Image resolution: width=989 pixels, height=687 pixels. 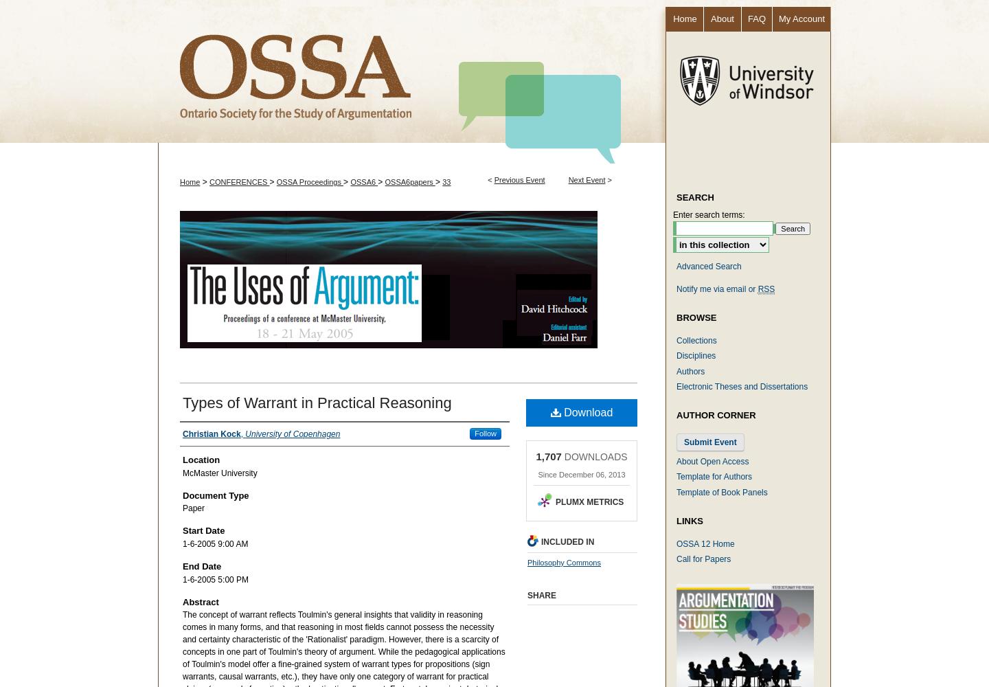 What do you see at coordinates (710, 442) in the screenshot?
I see `'Submit Event'` at bounding box center [710, 442].